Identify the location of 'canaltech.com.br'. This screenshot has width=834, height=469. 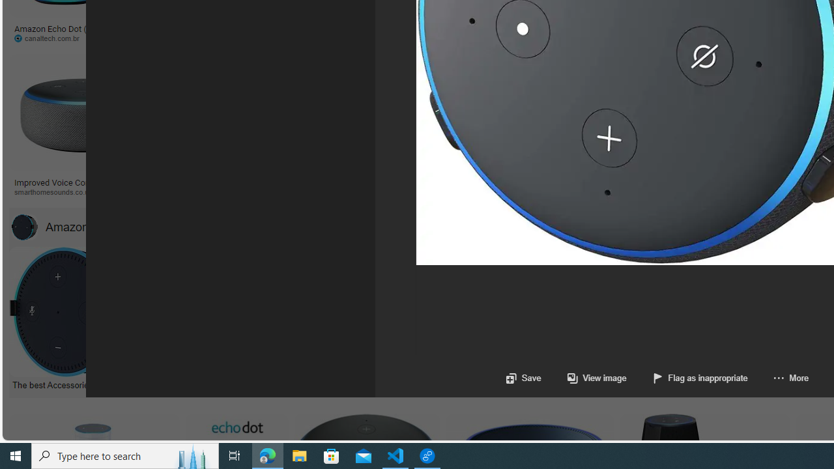
(63, 38).